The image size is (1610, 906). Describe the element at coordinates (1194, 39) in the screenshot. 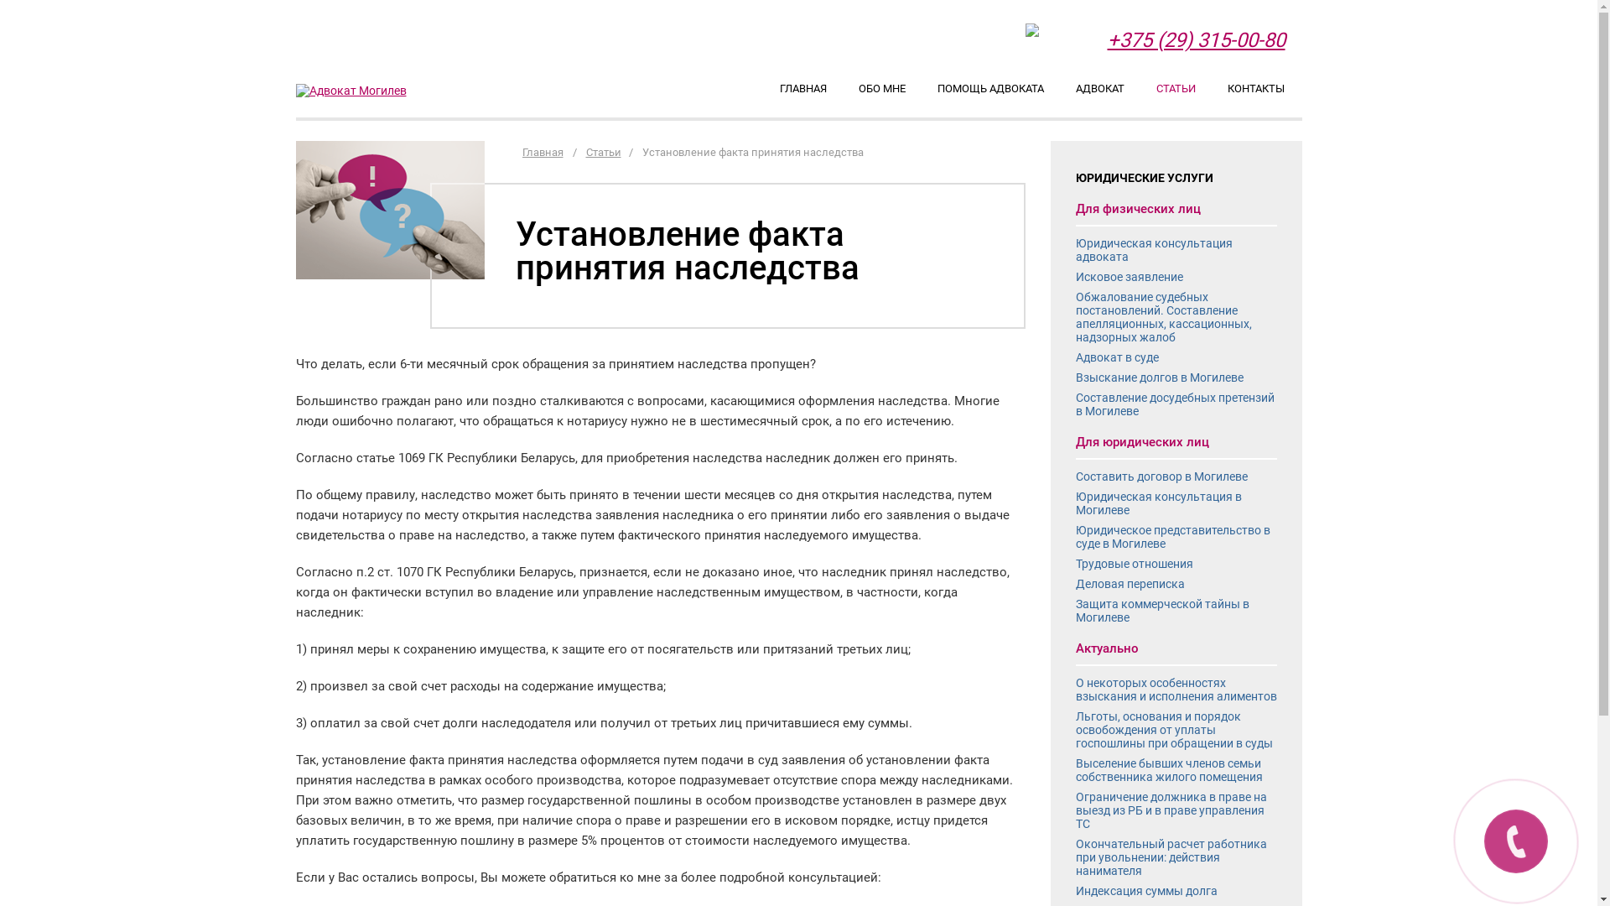

I see `'+375 (29) 315-00-80'` at that location.